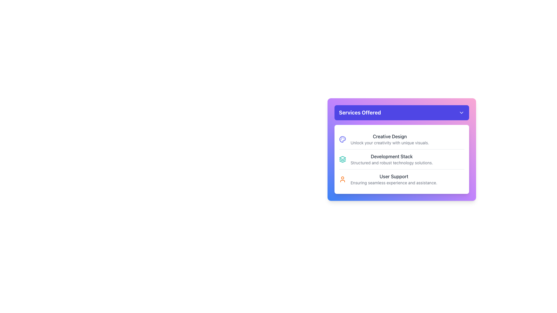  What do you see at coordinates (390, 143) in the screenshot?
I see `descriptive text located under the 'Creative Design' title in the service card, which provides additional details related to the 'Creative Design' service` at bounding box center [390, 143].